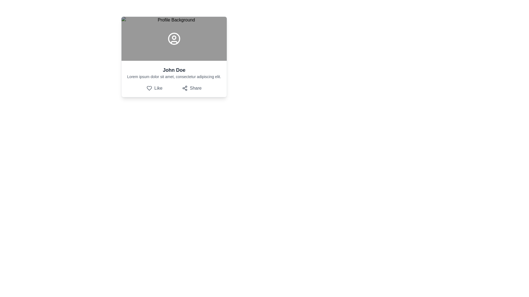  Describe the element at coordinates (149, 88) in the screenshot. I see `the 'like' icon located on the left side of the action strip, which is used to express approval for content` at that location.